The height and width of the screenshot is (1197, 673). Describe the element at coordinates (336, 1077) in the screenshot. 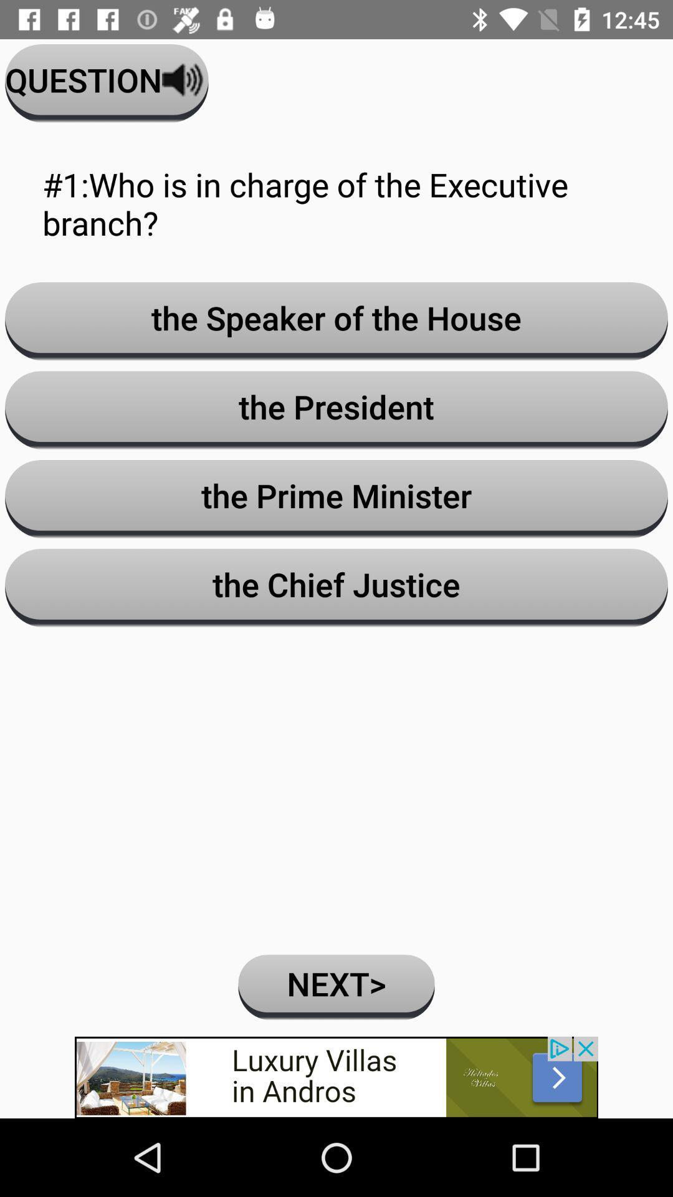

I see `the advertisement site` at that location.